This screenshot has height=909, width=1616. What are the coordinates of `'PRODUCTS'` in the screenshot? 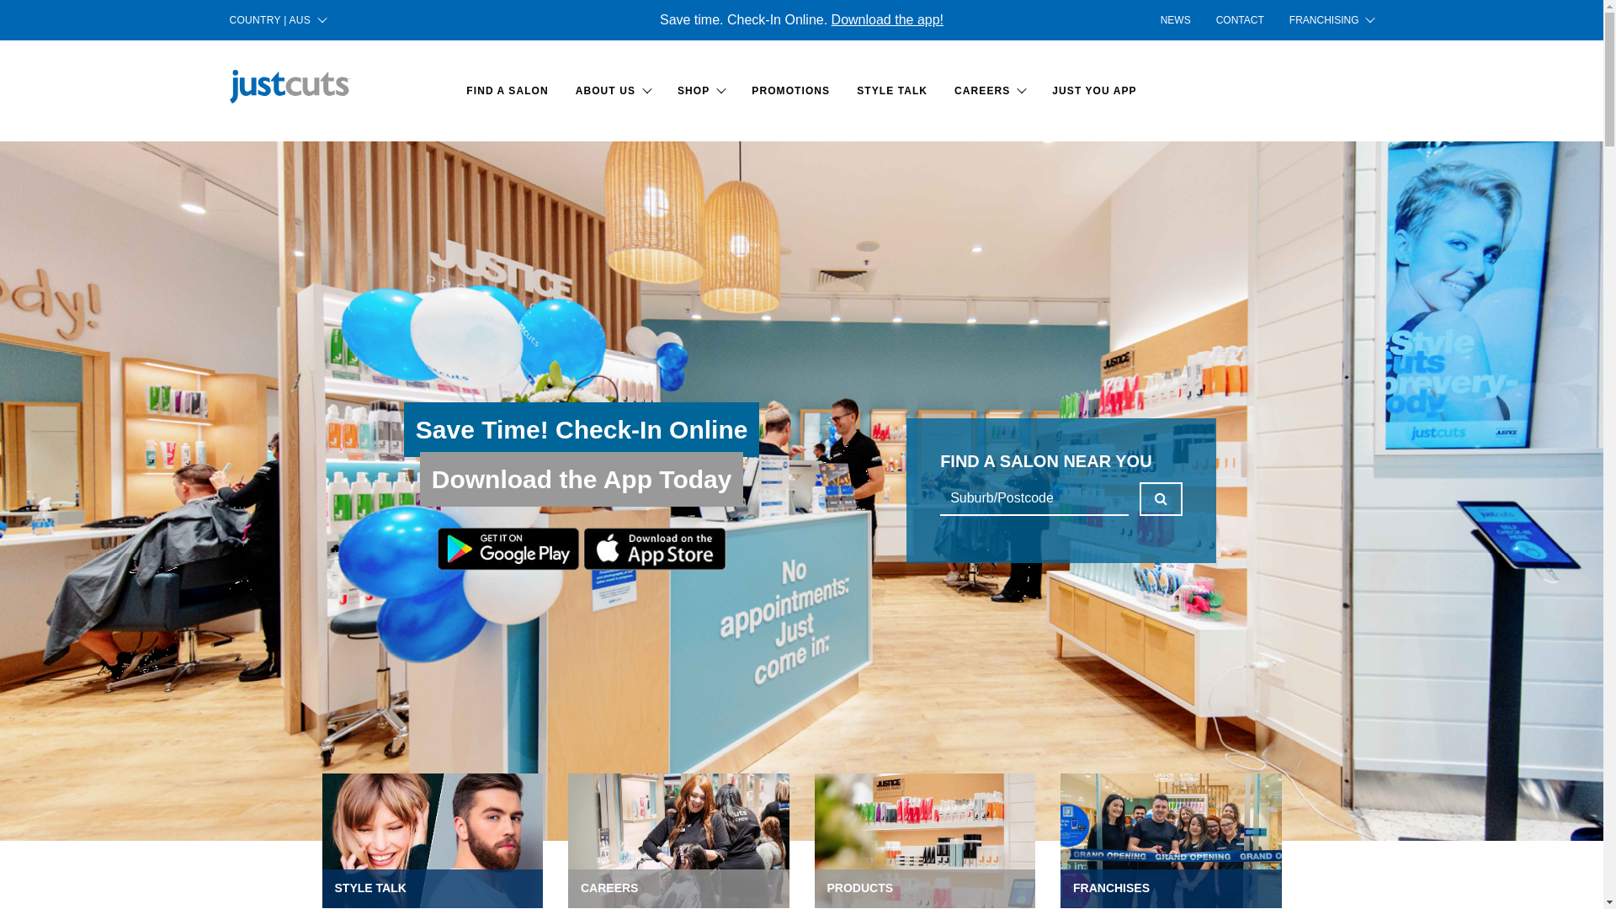 It's located at (815, 841).